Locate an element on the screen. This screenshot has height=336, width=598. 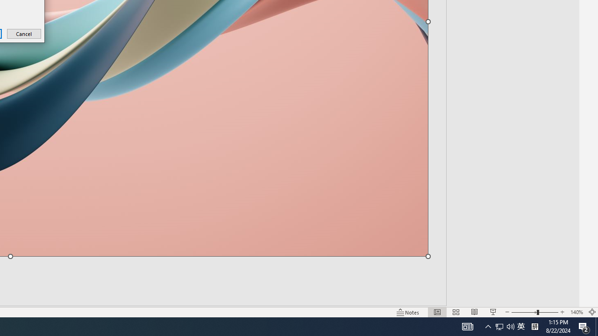
'Cancel' is located at coordinates (24, 33).